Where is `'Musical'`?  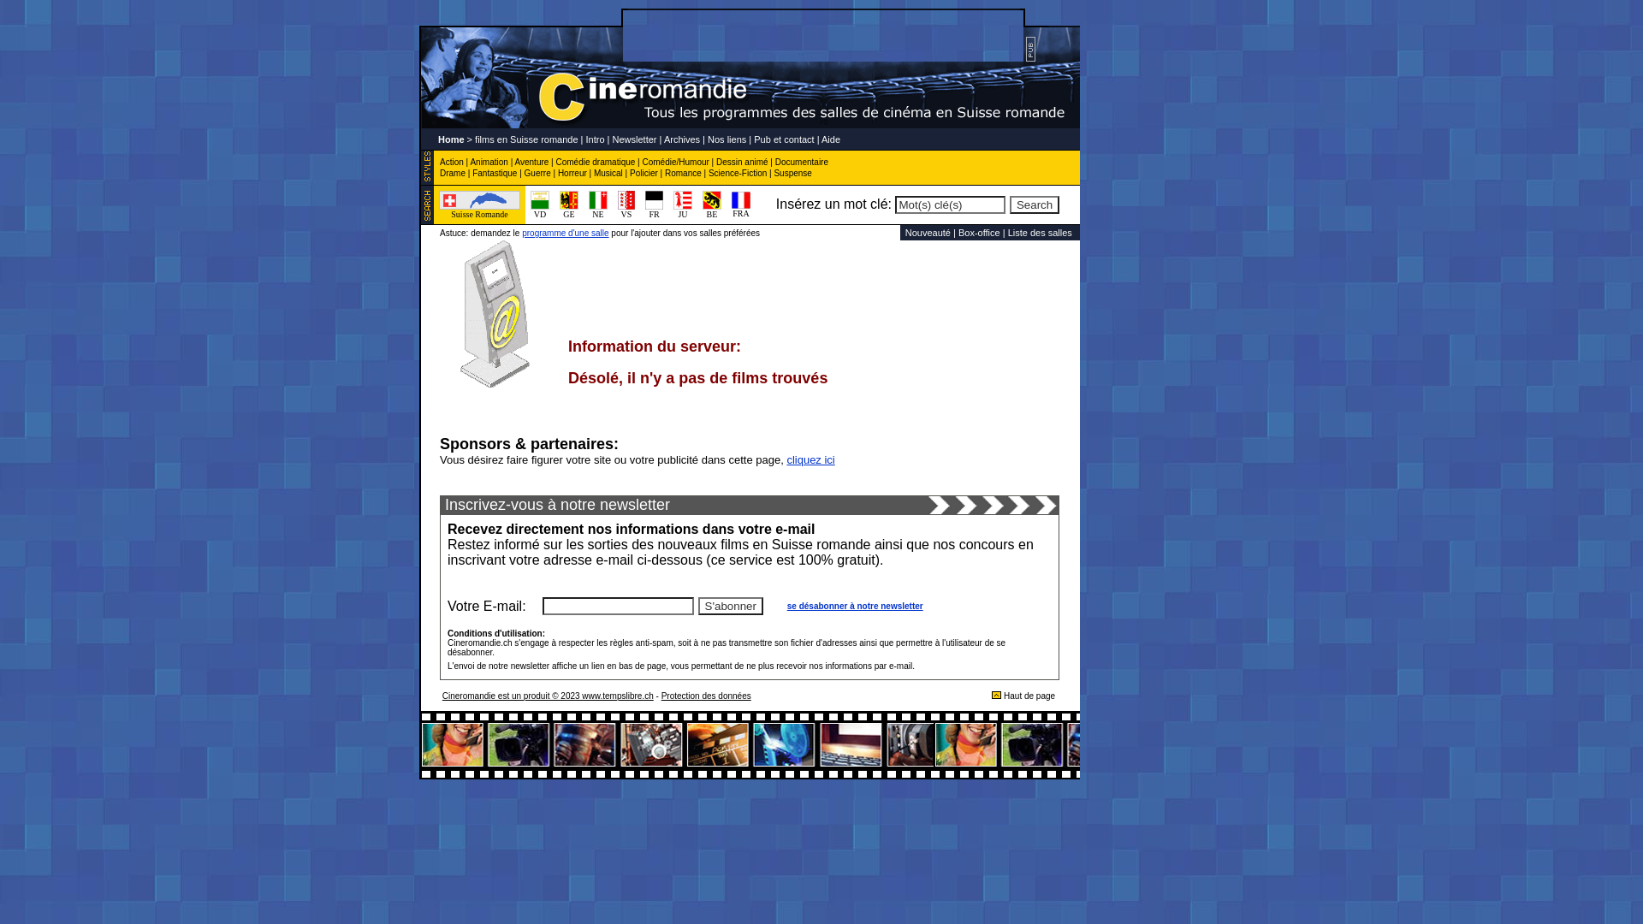
'Musical' is located at coordinates (608, 173).